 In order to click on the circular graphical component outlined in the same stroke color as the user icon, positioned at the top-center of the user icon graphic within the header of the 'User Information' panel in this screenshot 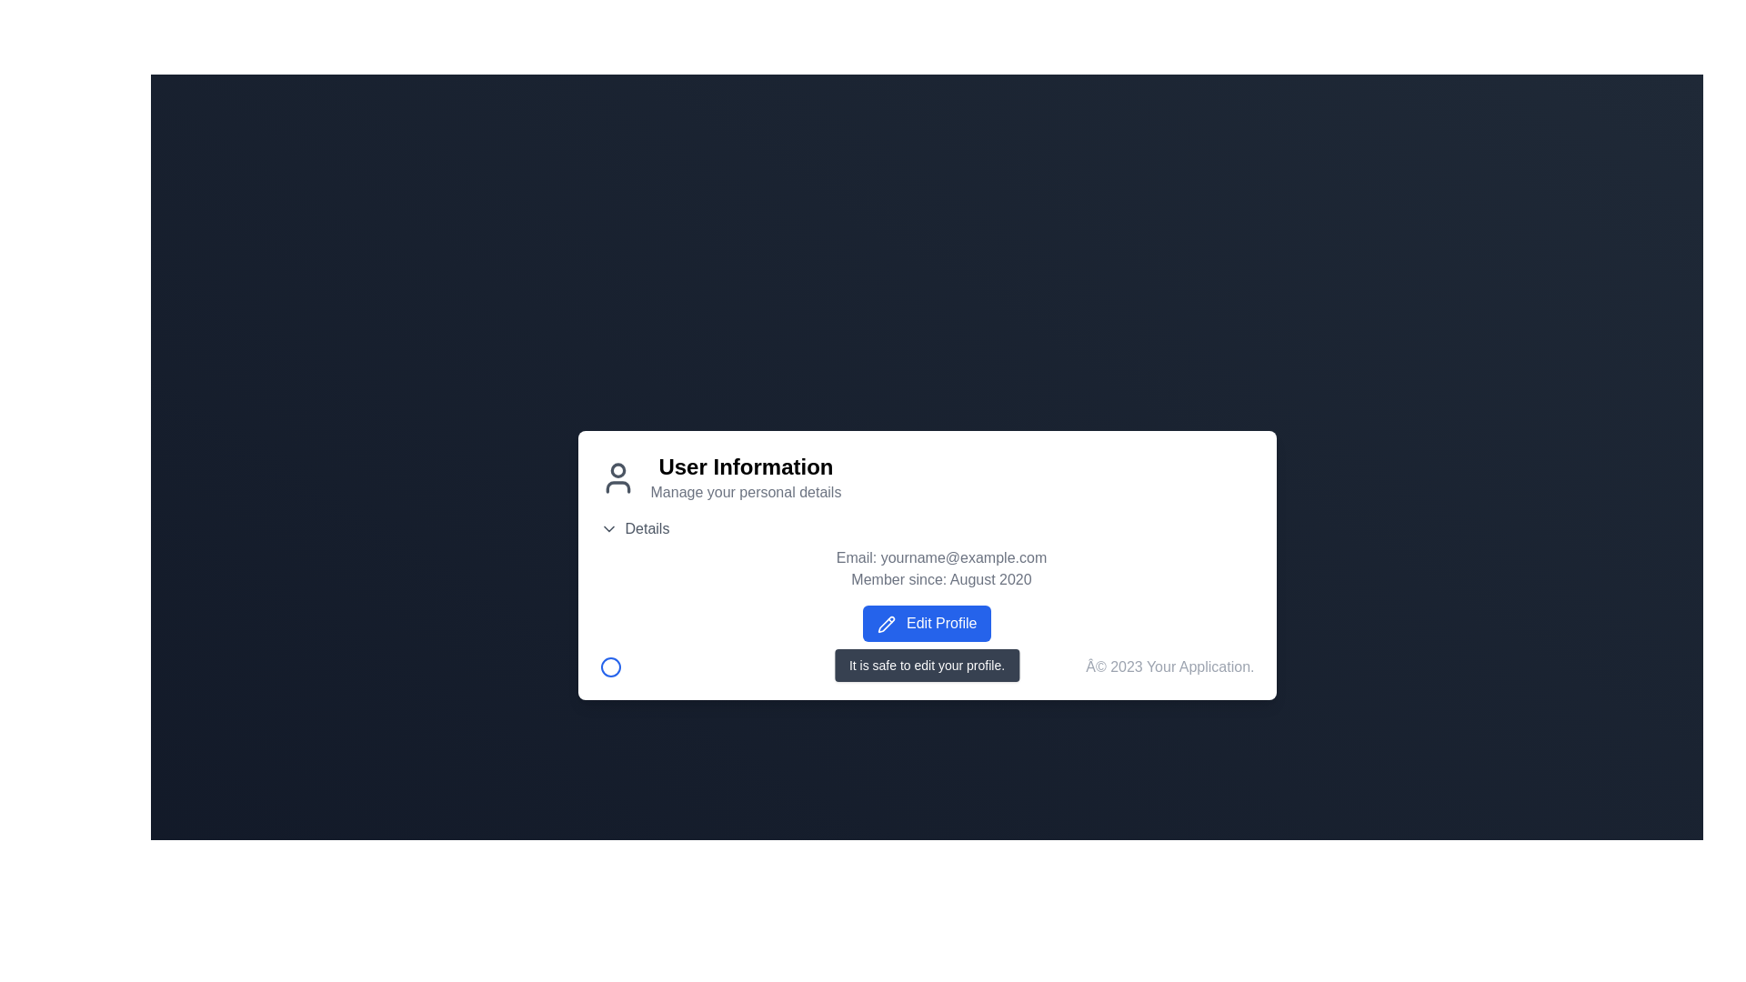, I will do `click(617, 469)`.